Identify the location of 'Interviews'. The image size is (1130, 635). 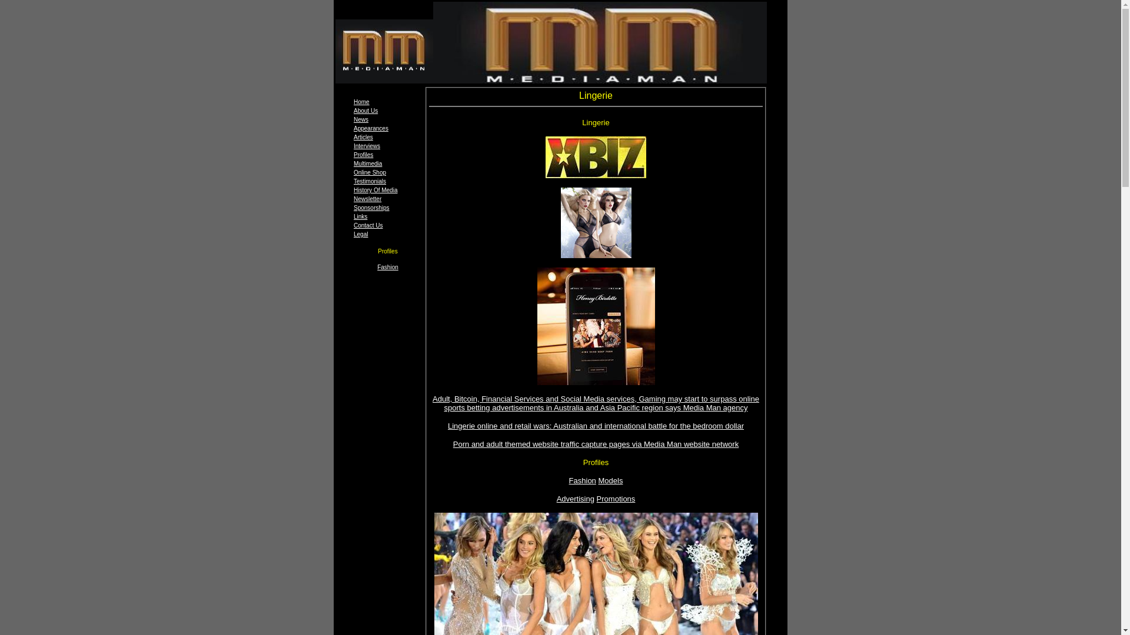
(366, 145).